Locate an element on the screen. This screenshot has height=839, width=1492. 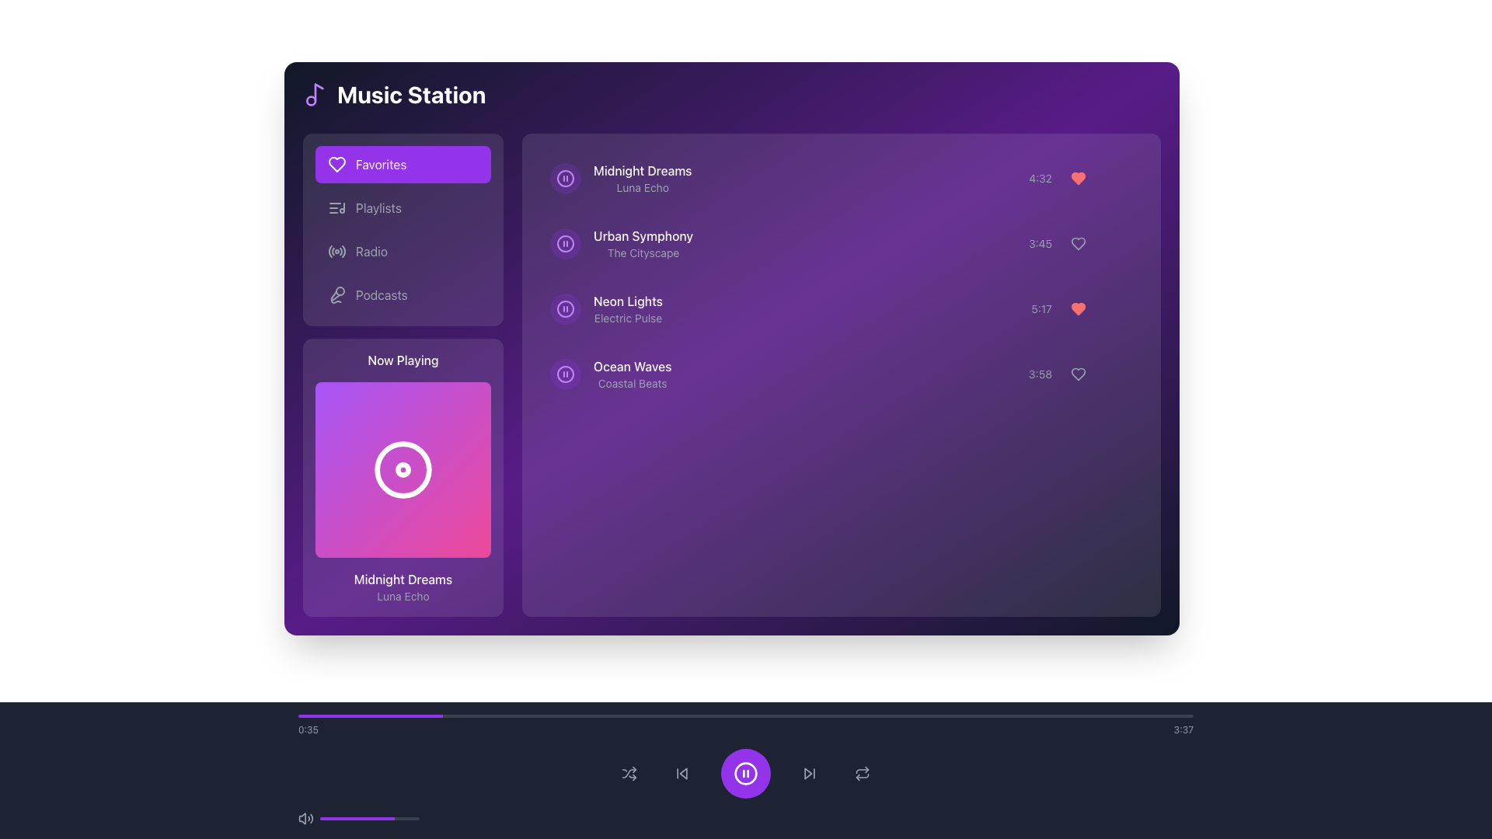
inner right arc of the radio icon in the left-hand navigation menu by using the developer tools is located at coordinates (340, 251).